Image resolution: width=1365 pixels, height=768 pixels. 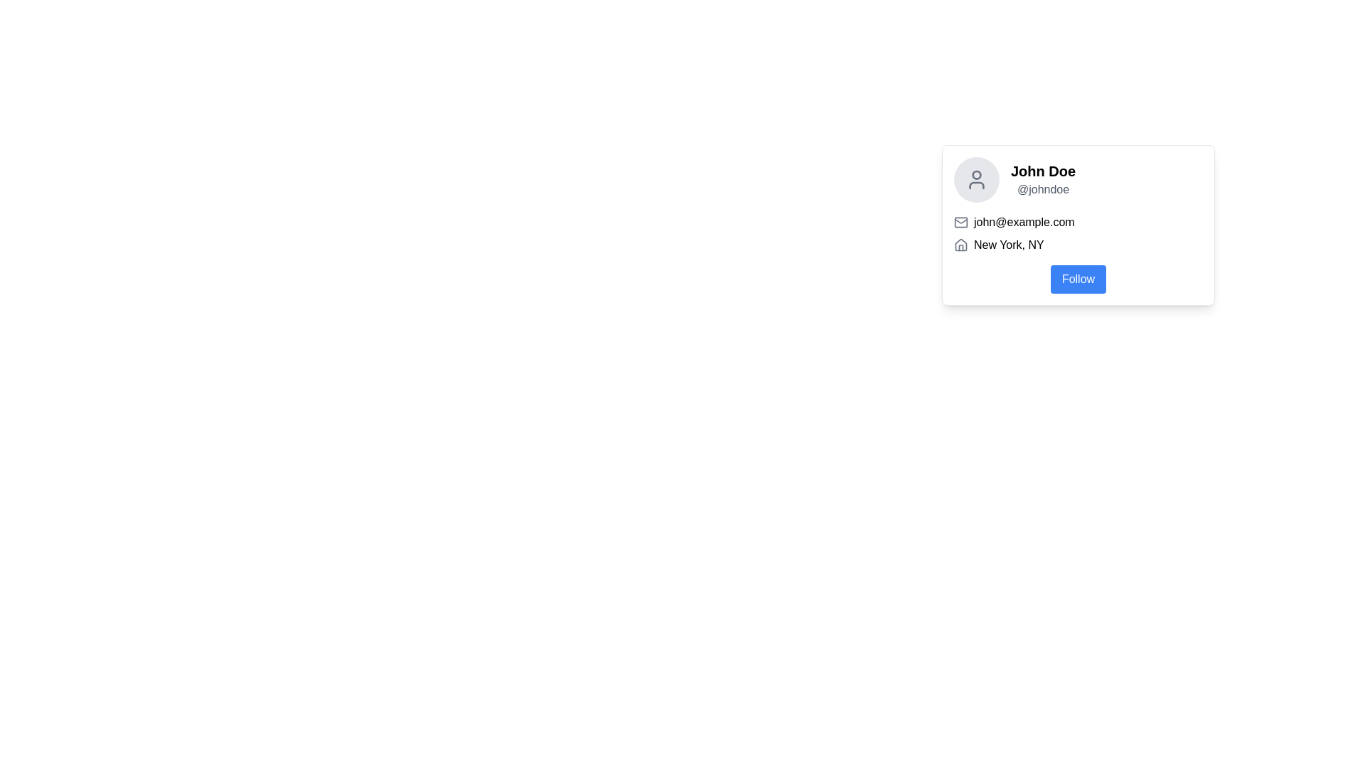 What do you see at coordinates (961, 244) in the screenshot?
I see `the icon representing the location or home address related to 'New York, NY' to note the visual indication about the context it represents` at bounding box center [961, 244].